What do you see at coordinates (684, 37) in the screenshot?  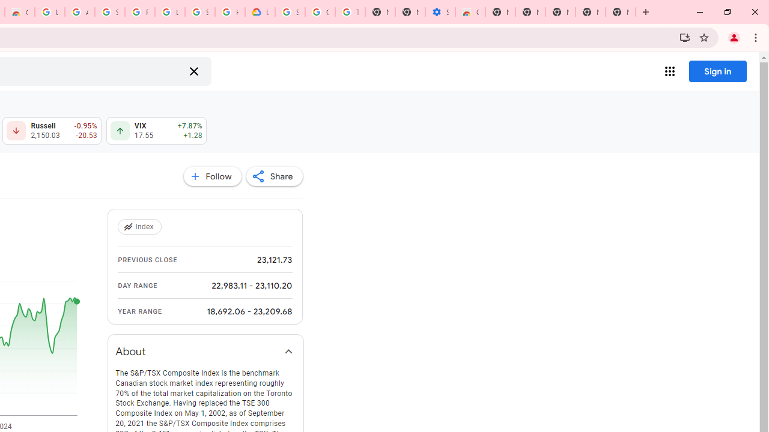 I see `'Install Google Finance'` at bounding box center [684, 37].